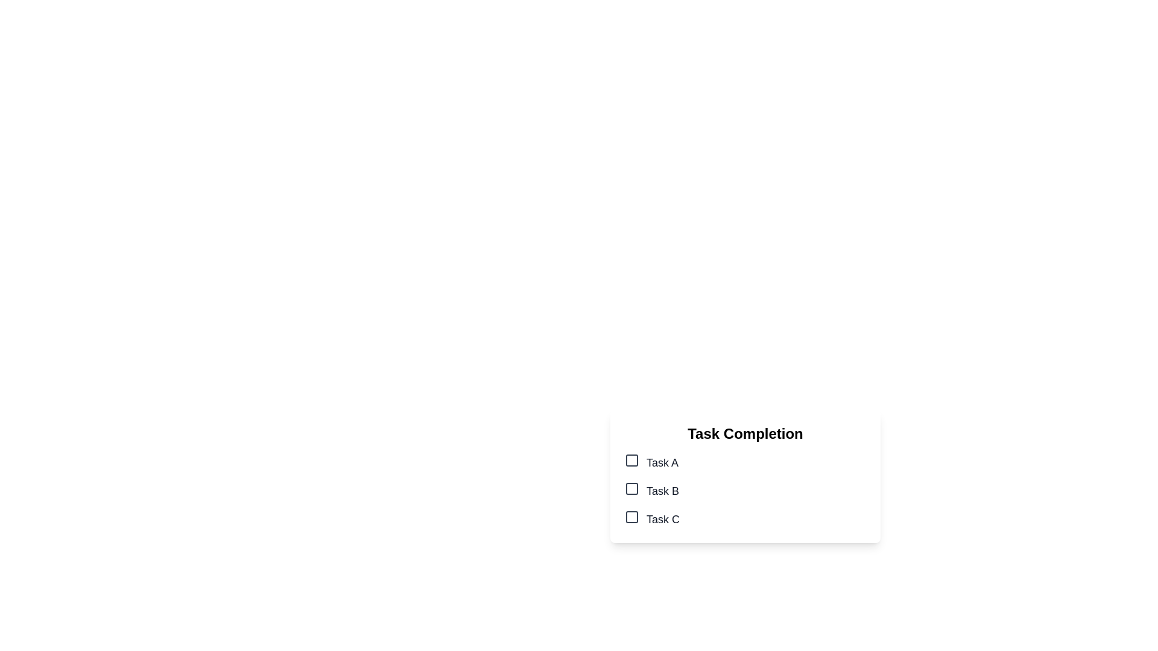 The width and height of the screenshot is (1158, 651). Describe the element at coordinates (631, 516) in the screenshot. I see `the checkbox styled with a gray outline associated with the label 'Task C'` at that location.